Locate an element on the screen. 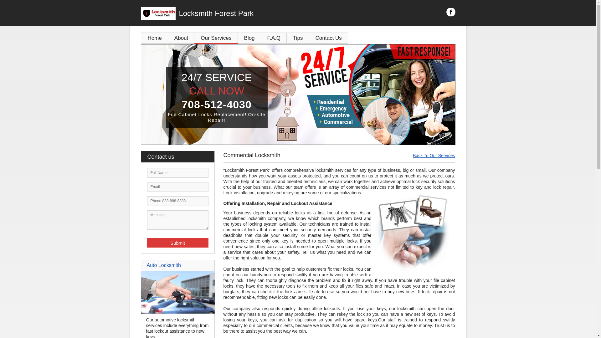 This screenshot has width=601, height=338. 'Home' is located at coordinates (155, 38).